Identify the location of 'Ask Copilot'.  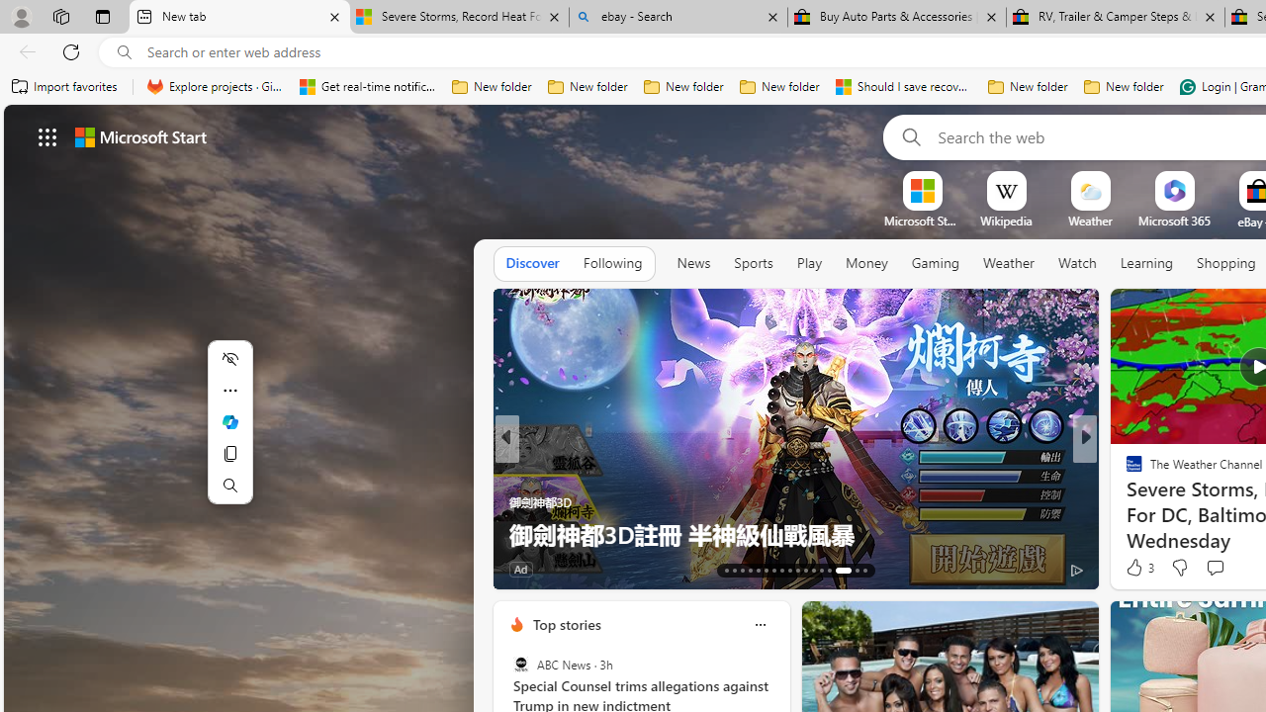
(229, 420).